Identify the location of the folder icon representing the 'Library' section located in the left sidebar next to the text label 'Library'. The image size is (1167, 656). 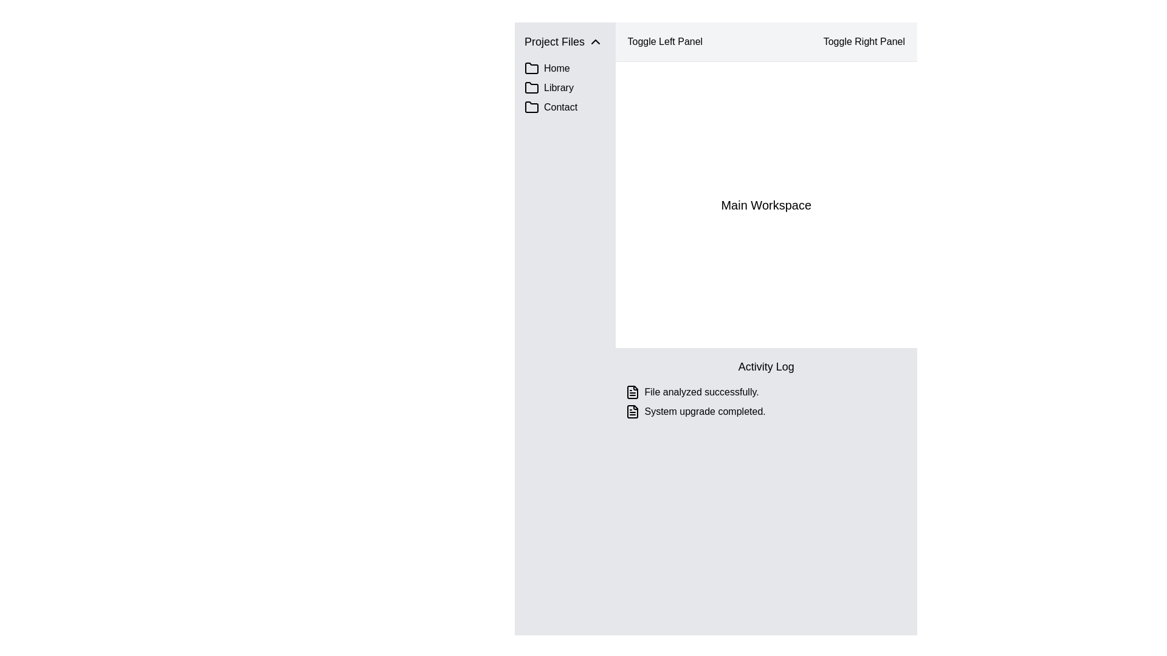
(531, 86).